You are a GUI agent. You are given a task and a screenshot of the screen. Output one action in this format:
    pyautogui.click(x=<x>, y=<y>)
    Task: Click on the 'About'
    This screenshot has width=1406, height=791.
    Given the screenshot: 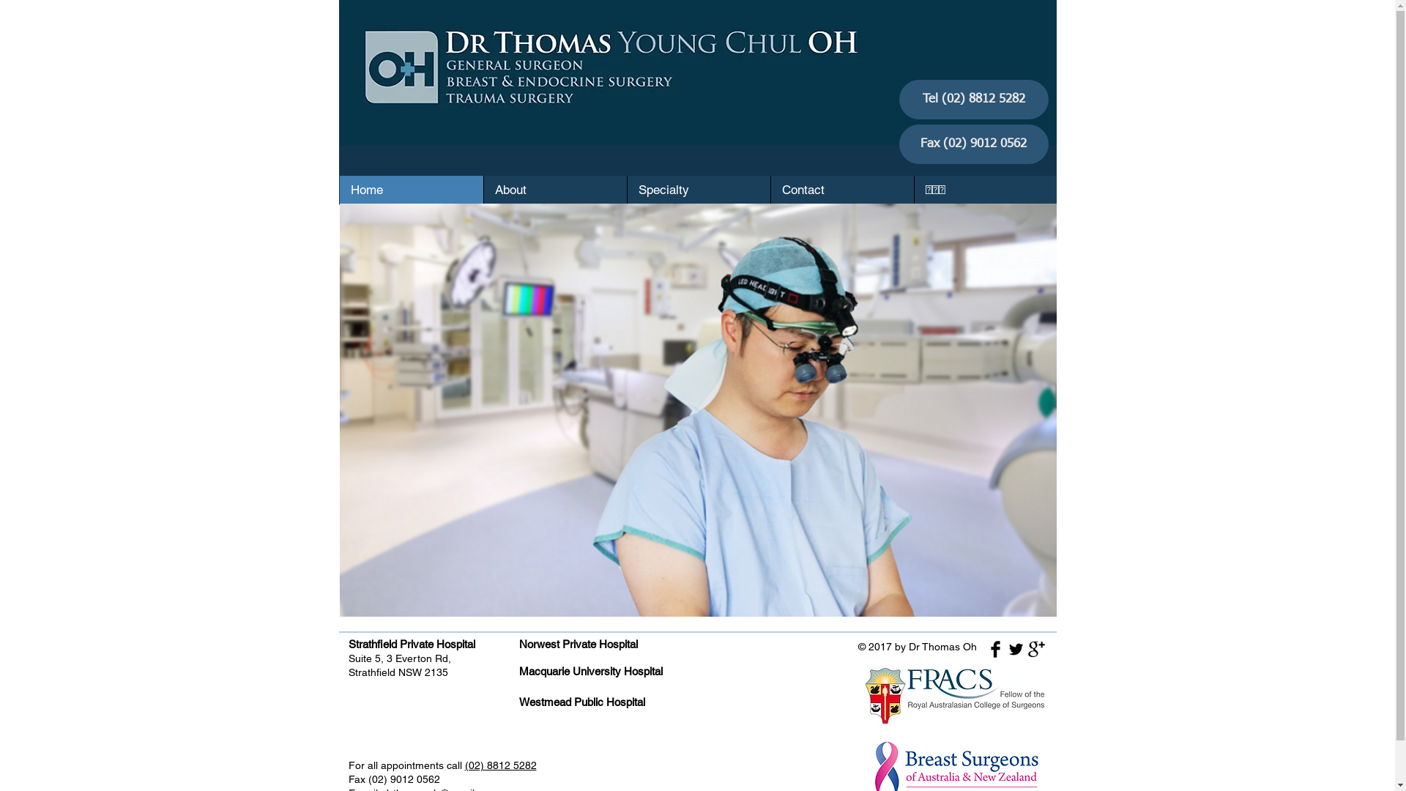 What is the action you would take?
    pyautogui.click(x=554, y=188)
    